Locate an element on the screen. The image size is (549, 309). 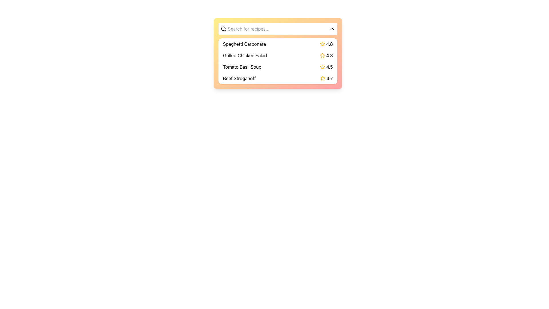
the text label displaying the rating '4.3' adjacent to the star icon in the rating display system for the 'Grilled Chicken Salad' item is located at coordinates (326, 55).